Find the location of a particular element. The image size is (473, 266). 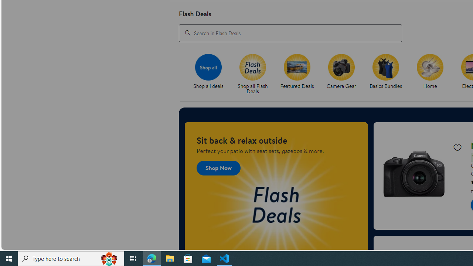

'Search in Flash Deals' is located at coordinates (290, 33).